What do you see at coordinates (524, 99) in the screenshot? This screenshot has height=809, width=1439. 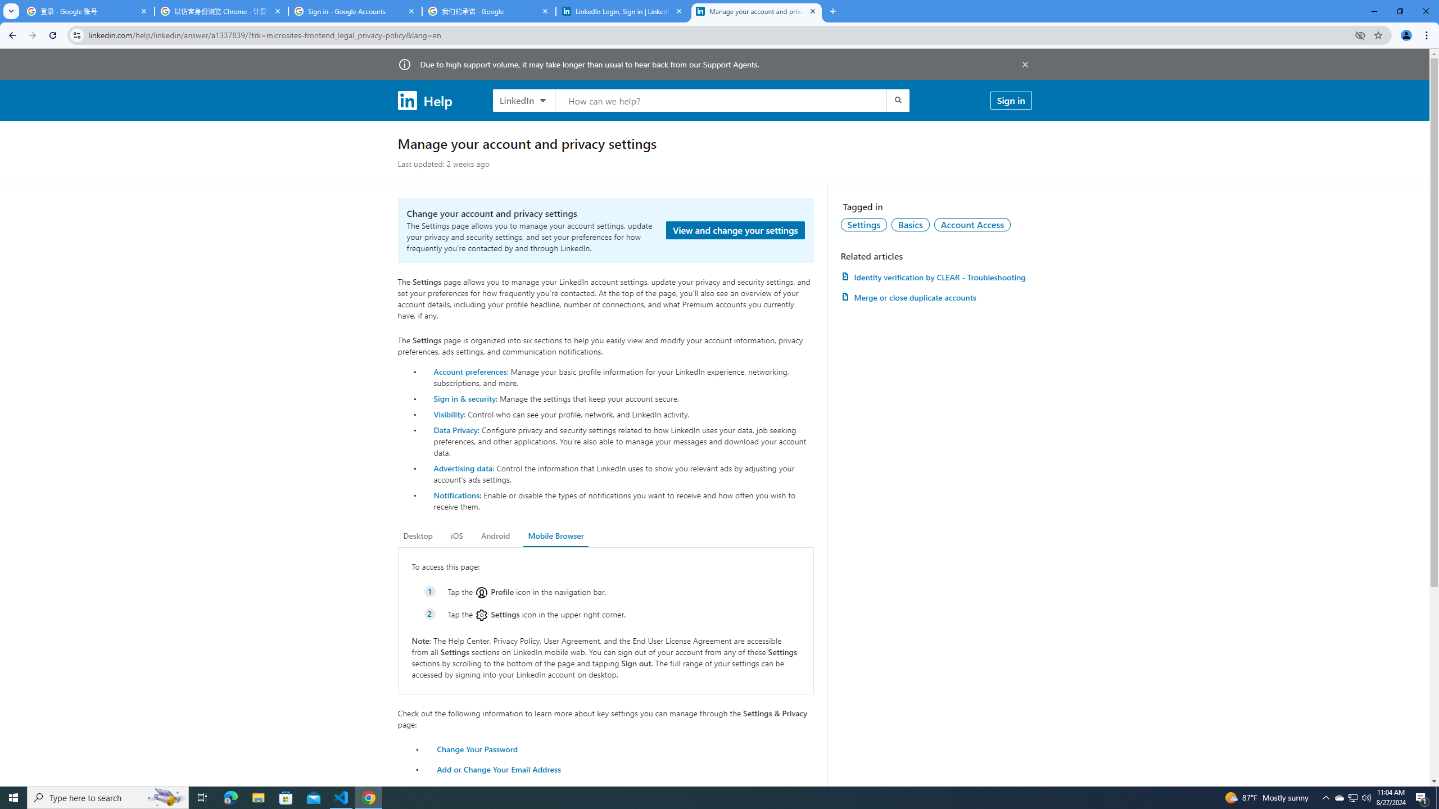 I see `'LinkedIn products to search, LinkedIn selected'` at bounding box center [524, 99].